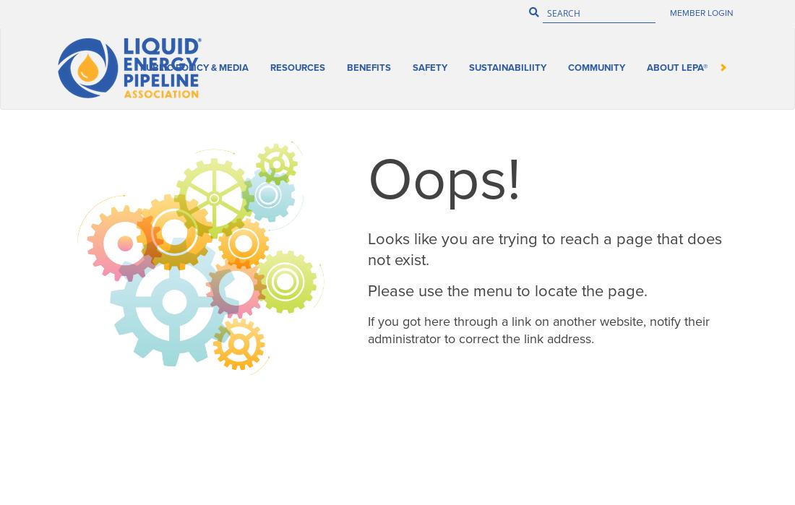 This screenshot has height=505, width=795. Describe the element at coordinates (319, 63) in the screenshot. I see `'Public Policy & Media'` at that location.